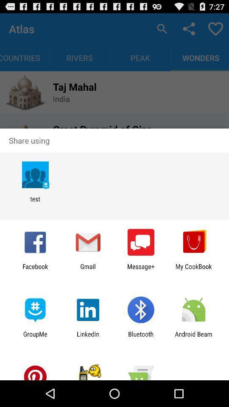 This screenshot has width=229, height=407. Describe the element at coordinates (193, 337) in the screenshot. I see `the android beam icon` at that location.